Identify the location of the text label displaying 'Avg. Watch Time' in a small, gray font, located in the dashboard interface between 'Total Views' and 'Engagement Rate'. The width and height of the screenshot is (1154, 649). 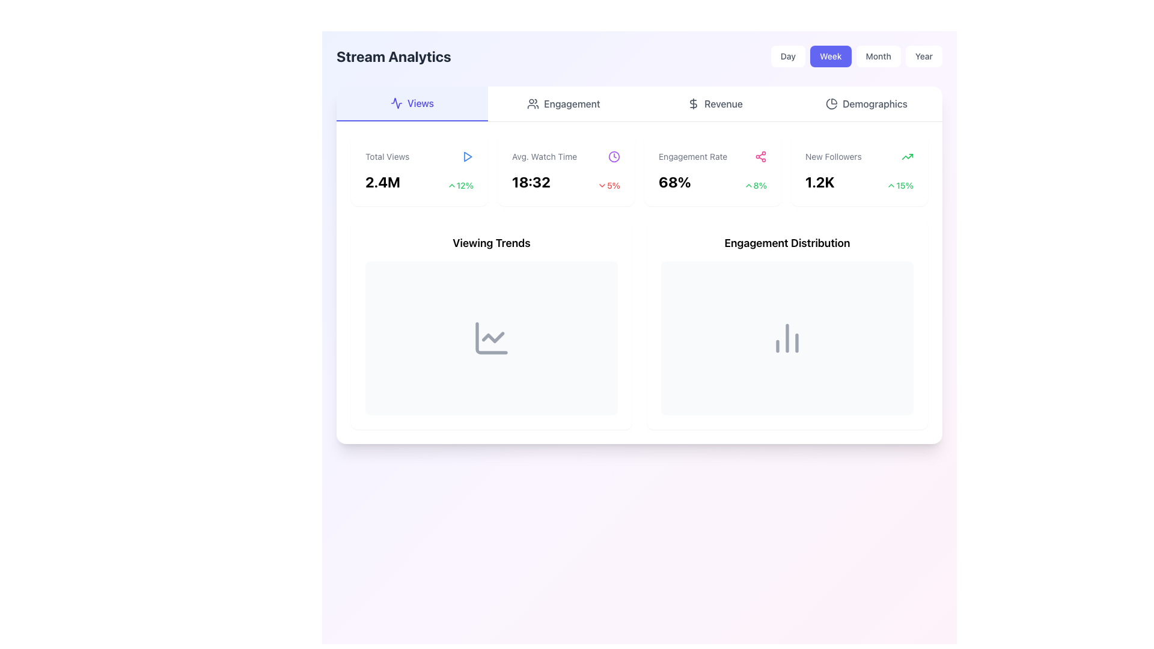
(544, 156).